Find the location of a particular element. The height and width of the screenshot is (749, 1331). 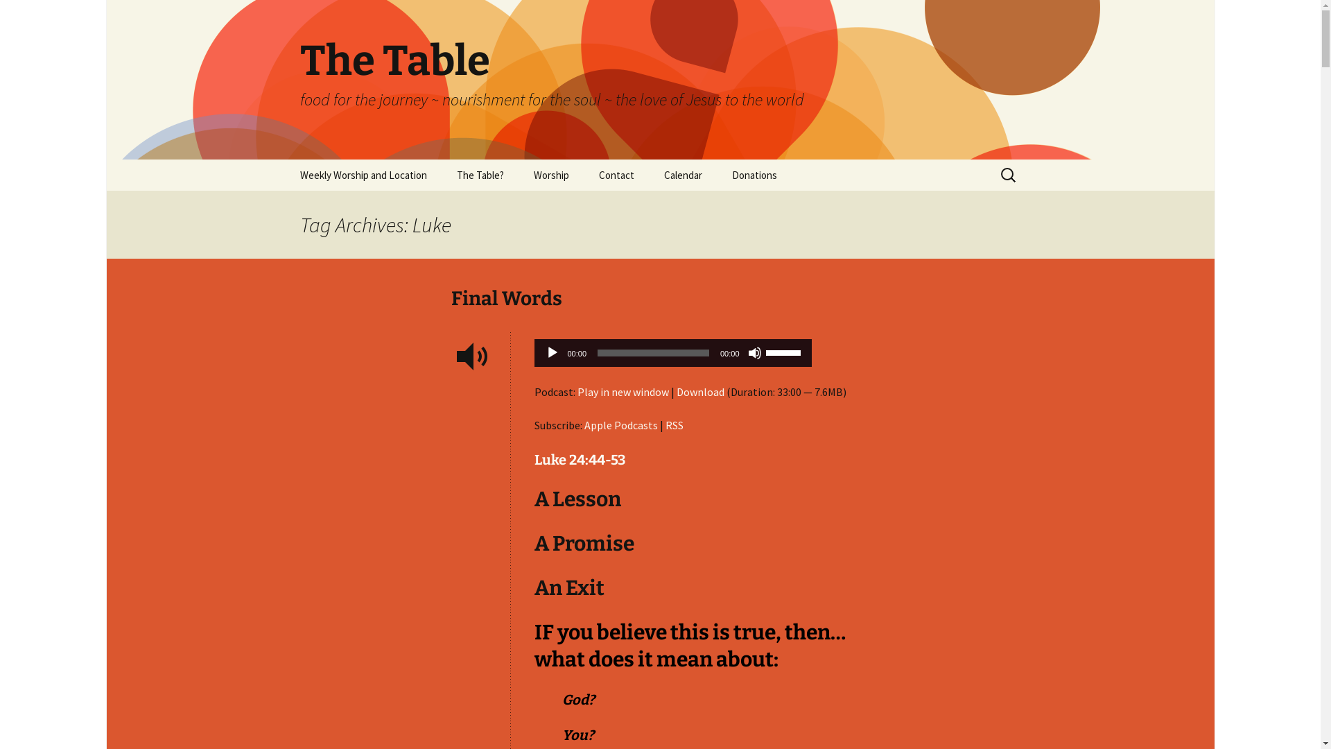

'Mute' is located at coordinates (754, 352).